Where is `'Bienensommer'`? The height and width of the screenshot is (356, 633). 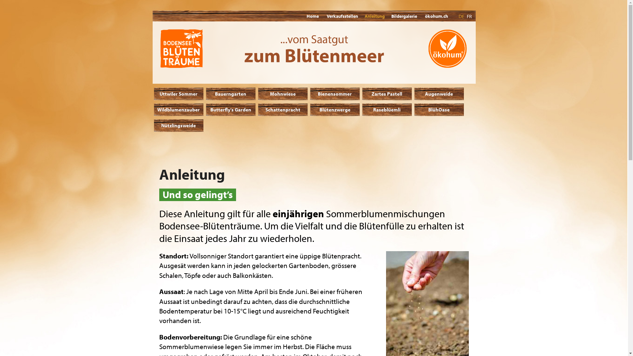 'Bienensommer' is located at coordinates (310, 94).